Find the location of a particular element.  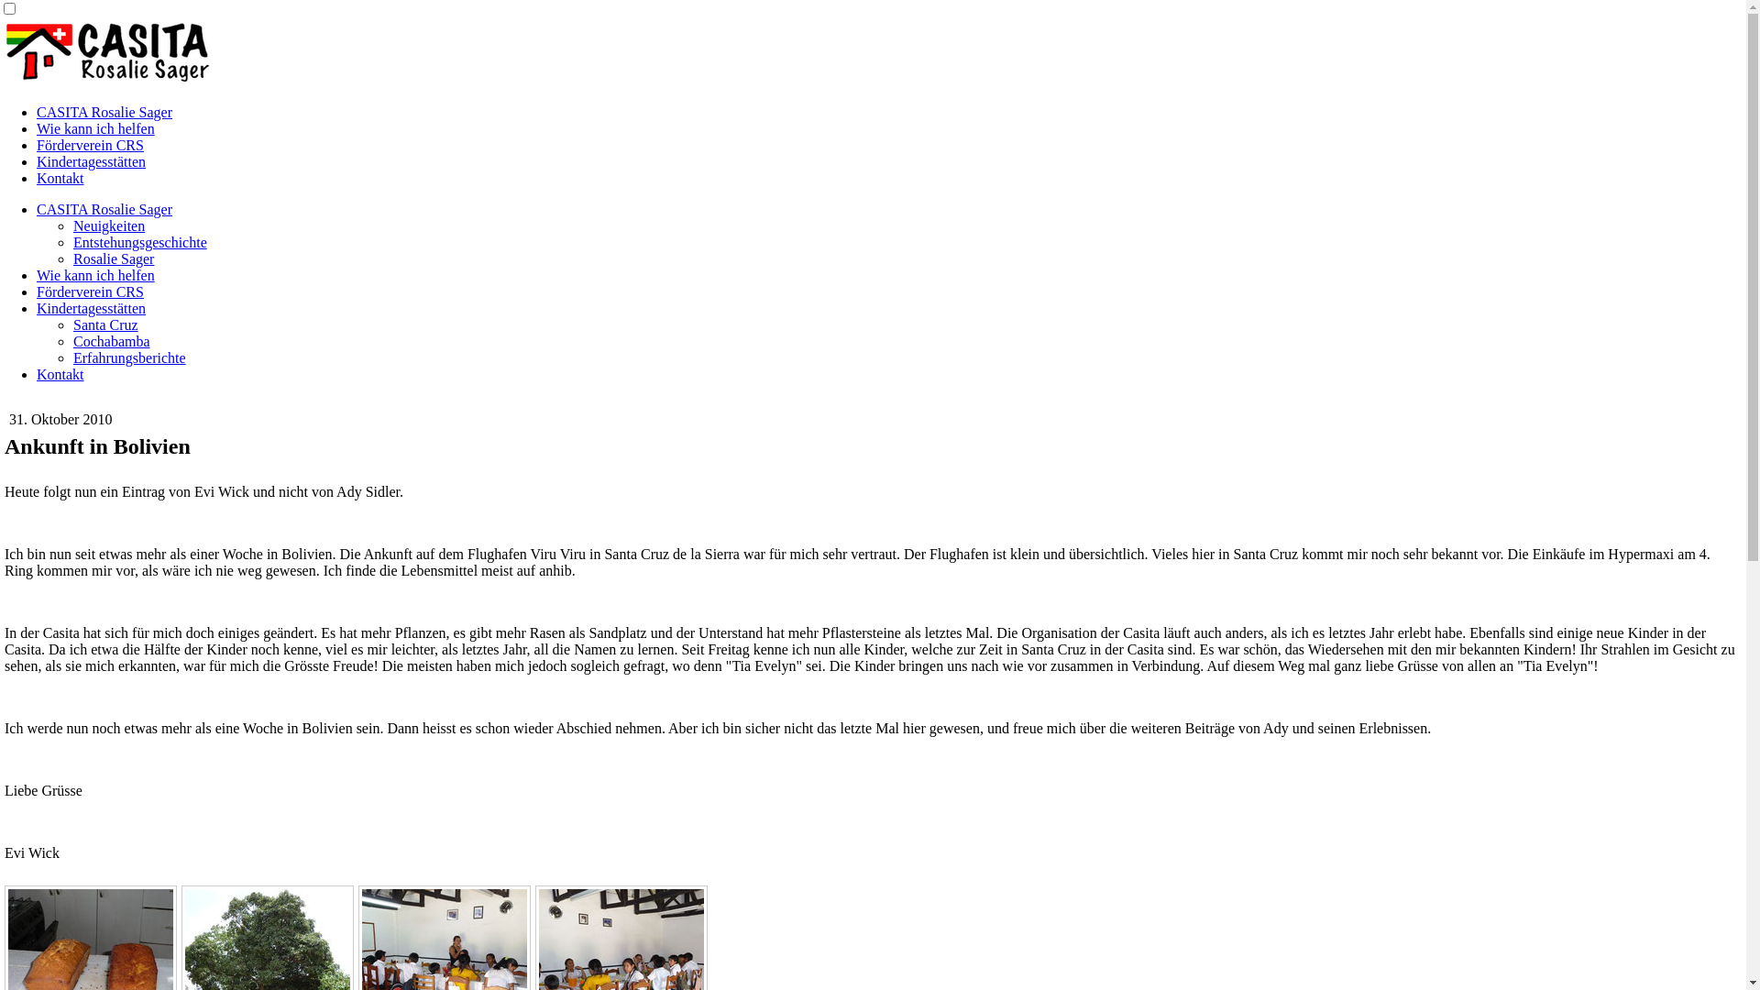

'Erfahrungsberichte' is located at coordinates (128, 357).